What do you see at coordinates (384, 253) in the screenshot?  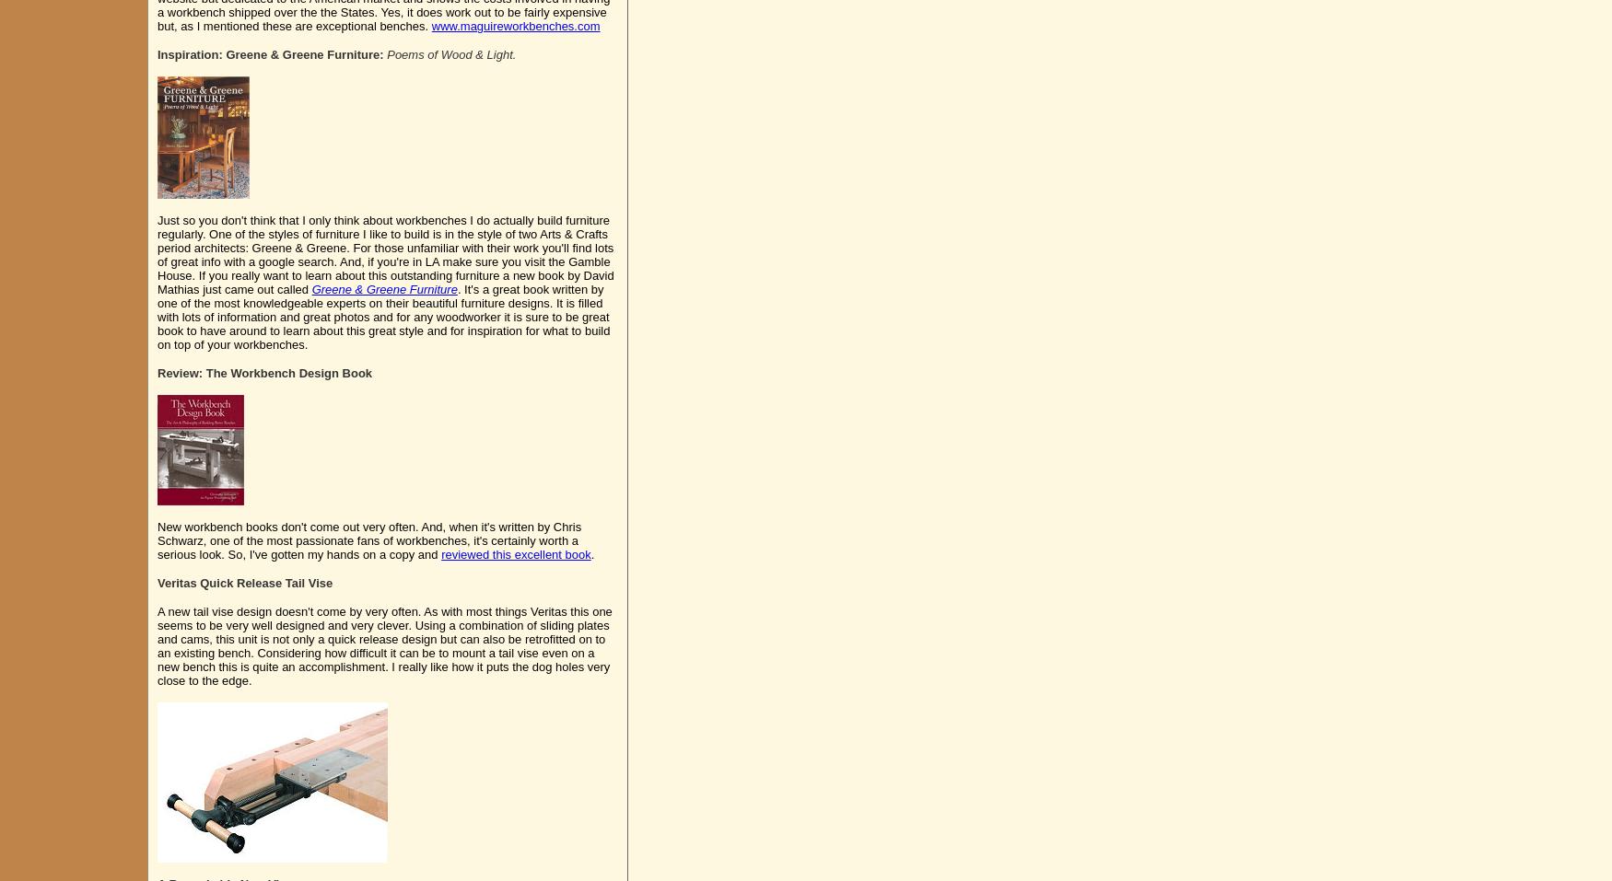 I see `'Just so you don't think that I only think about workbenches I do actually build furniture regularly. One of the styles of furniture I like to build is in the style of two Arts & Crafts period architects: Greene & Greene. For those unfamiliar with their work you'll find lots of great info with a google search. And, if you're in LA make sure you visit the Gamble House. If you really want to learn about this outstanding furniture a new book by David Mathias just came out called'` at bounding box center [384, 253].